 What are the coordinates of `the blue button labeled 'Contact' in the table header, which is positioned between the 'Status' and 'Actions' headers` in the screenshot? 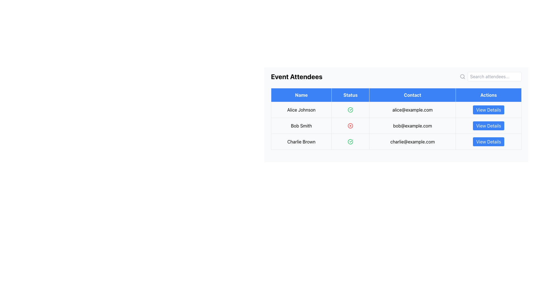 It's located at (413, 95).